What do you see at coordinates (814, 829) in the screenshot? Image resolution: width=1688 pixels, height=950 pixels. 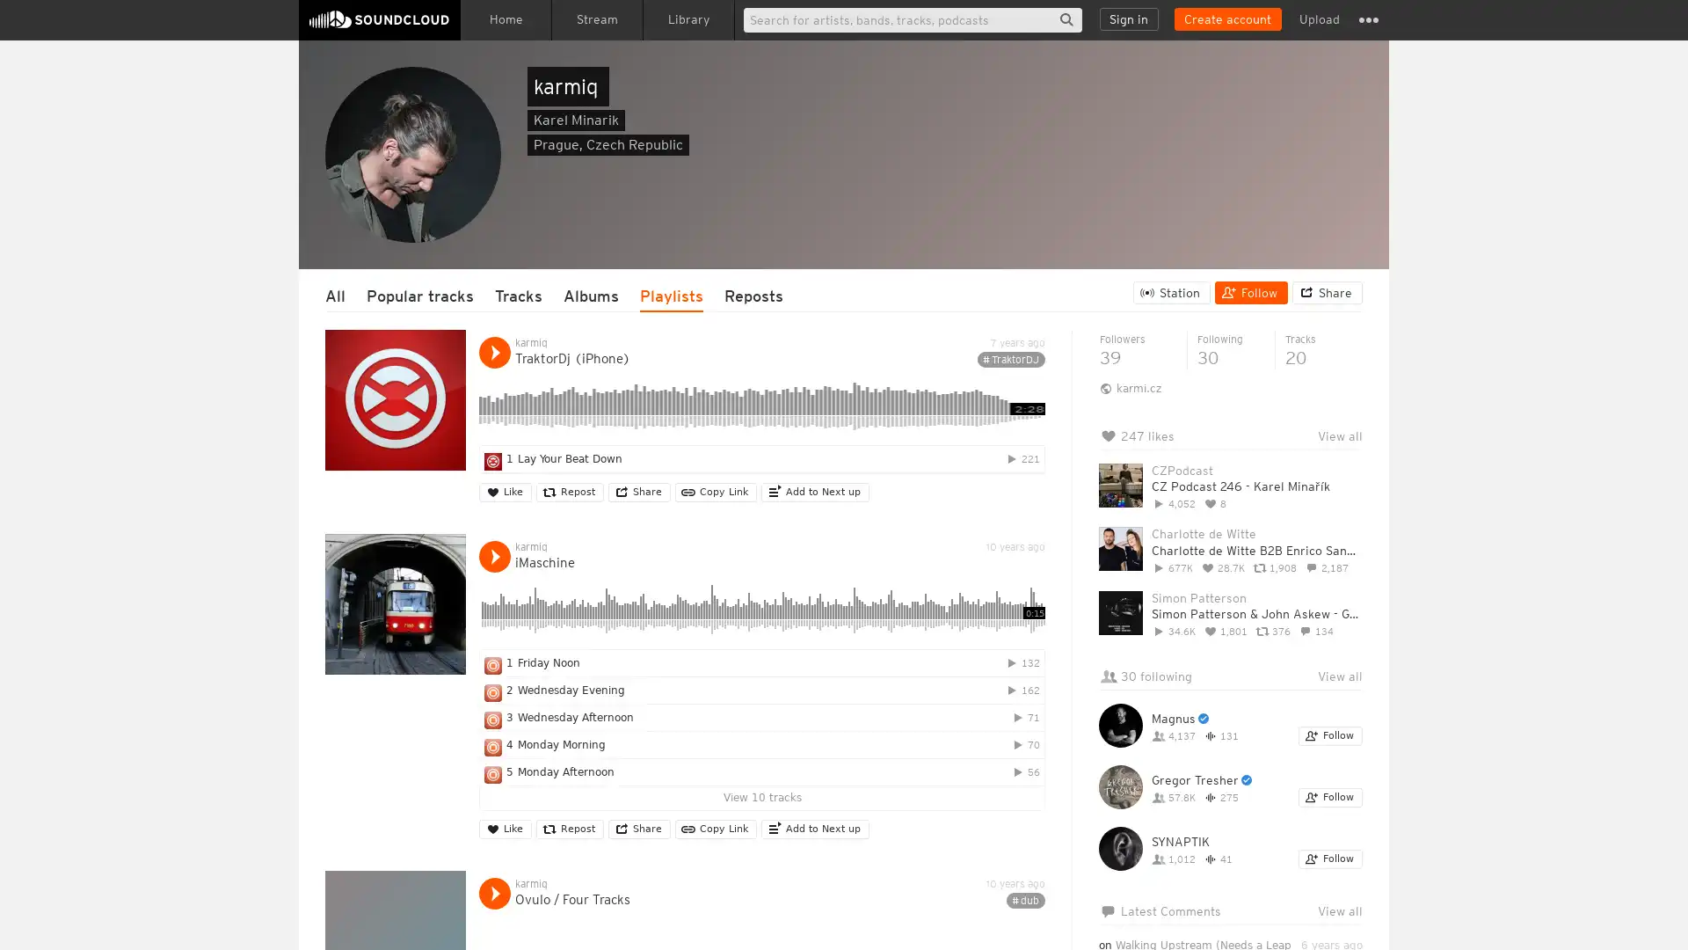 I see `Add to Next up` at bounding box center [814, 829].